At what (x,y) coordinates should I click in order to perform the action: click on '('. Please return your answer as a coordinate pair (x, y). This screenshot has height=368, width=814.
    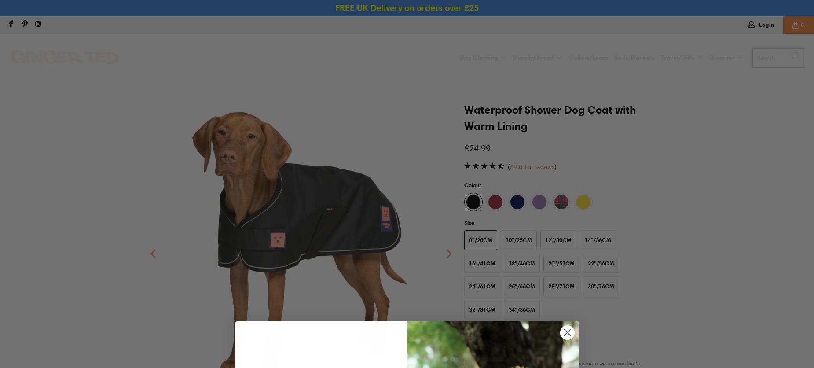
    Looking at the image, I should click on (508, 166).